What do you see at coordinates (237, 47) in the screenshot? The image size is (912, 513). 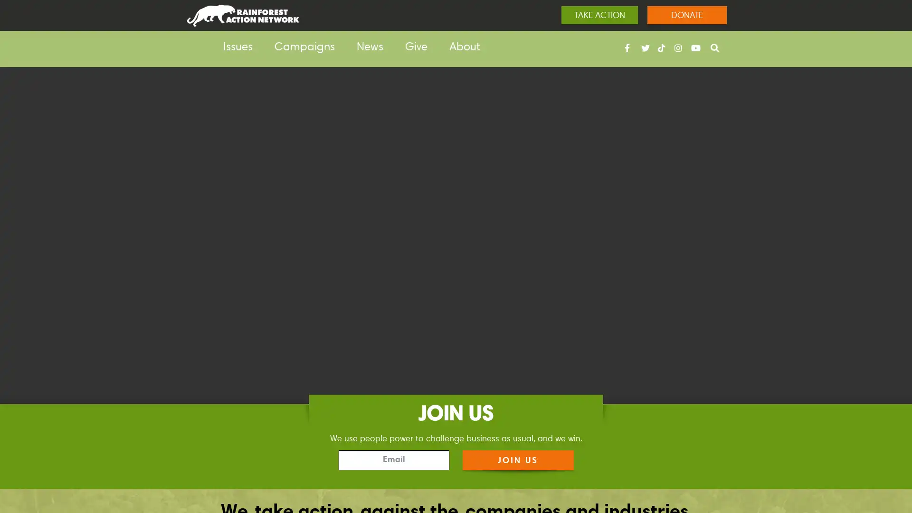 I see `Issues` at bounding box center [237, 47].